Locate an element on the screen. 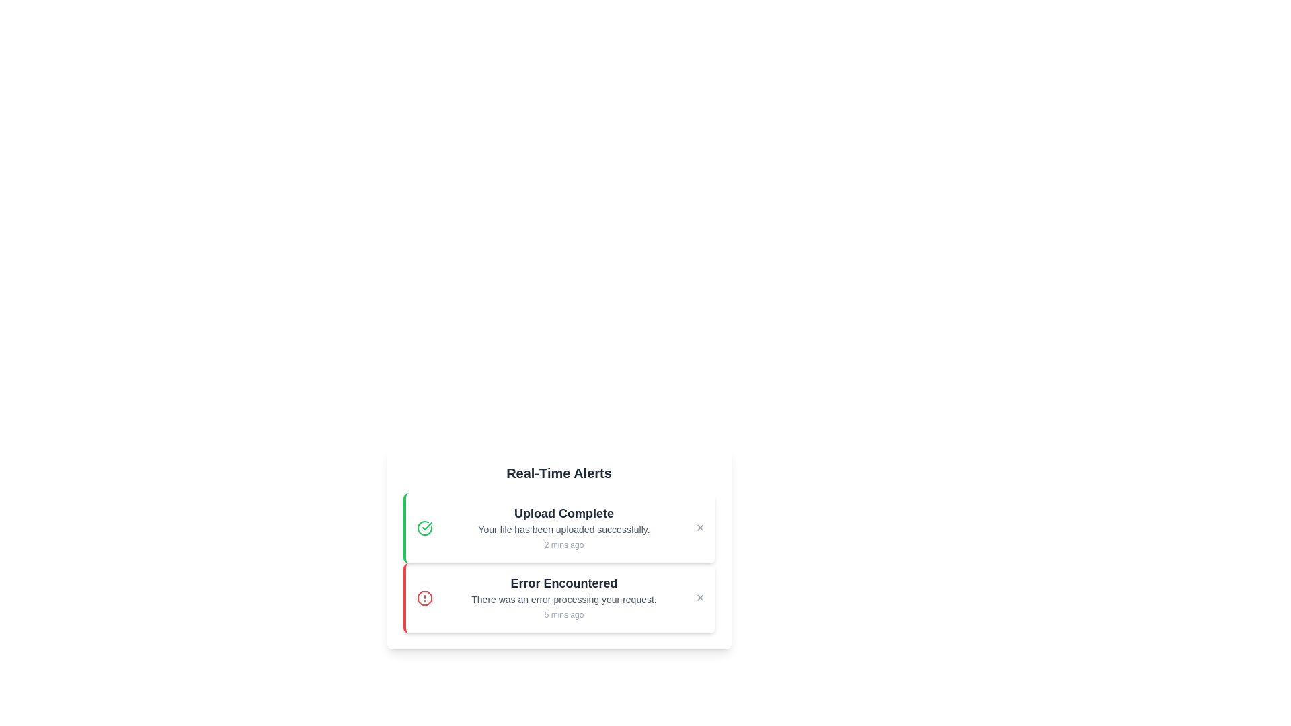  the small gray button with the symbol '✕' located at the far right of the 'Upload Complete' notification is located at coordinates (699, 528).